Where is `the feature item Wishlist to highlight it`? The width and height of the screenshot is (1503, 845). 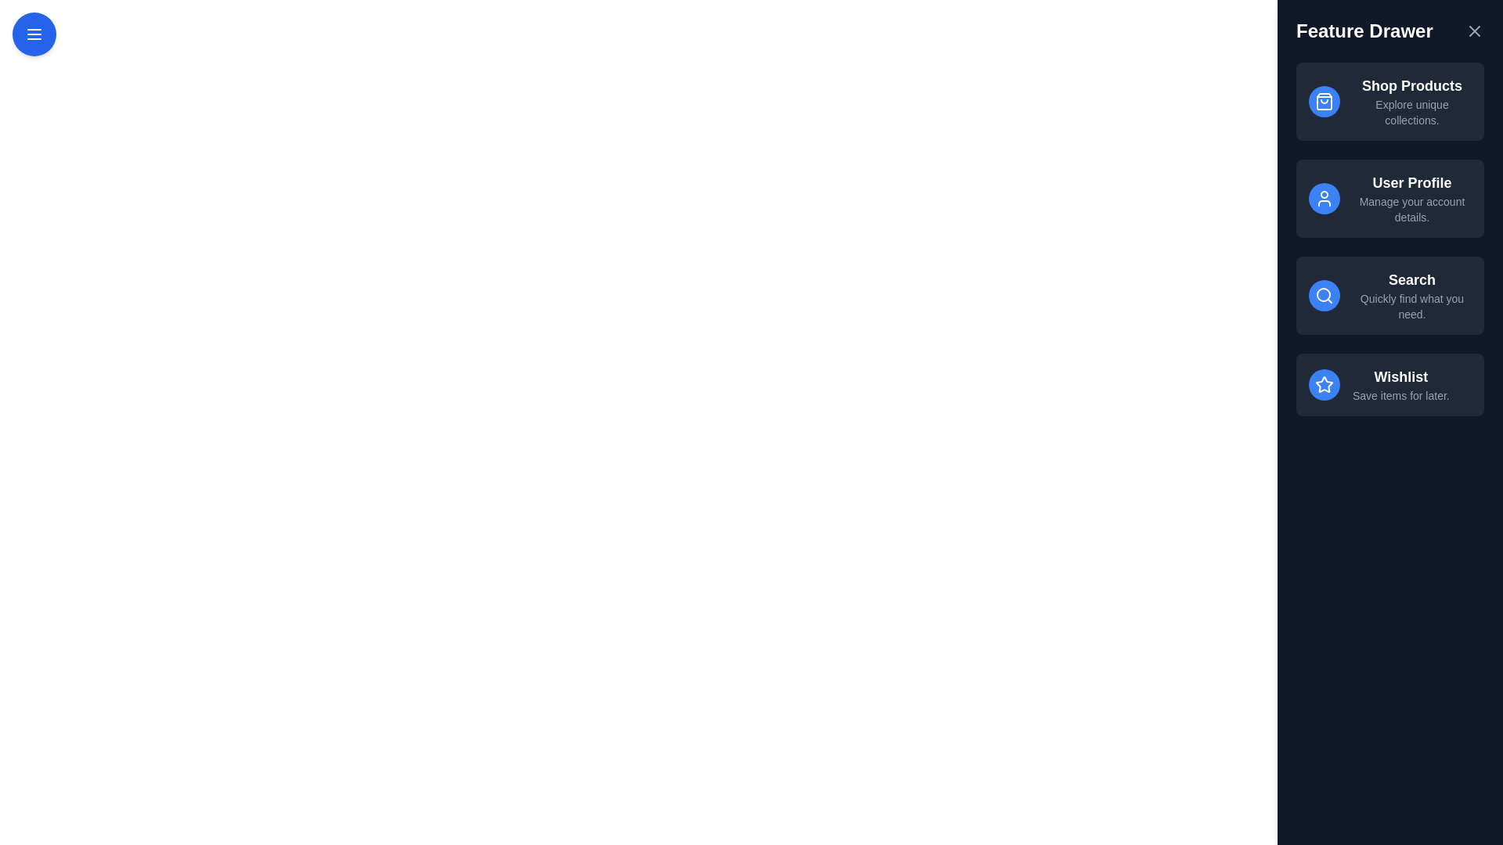 the feature item Wishlist to highlight it is located at coordinates (1390, 385).